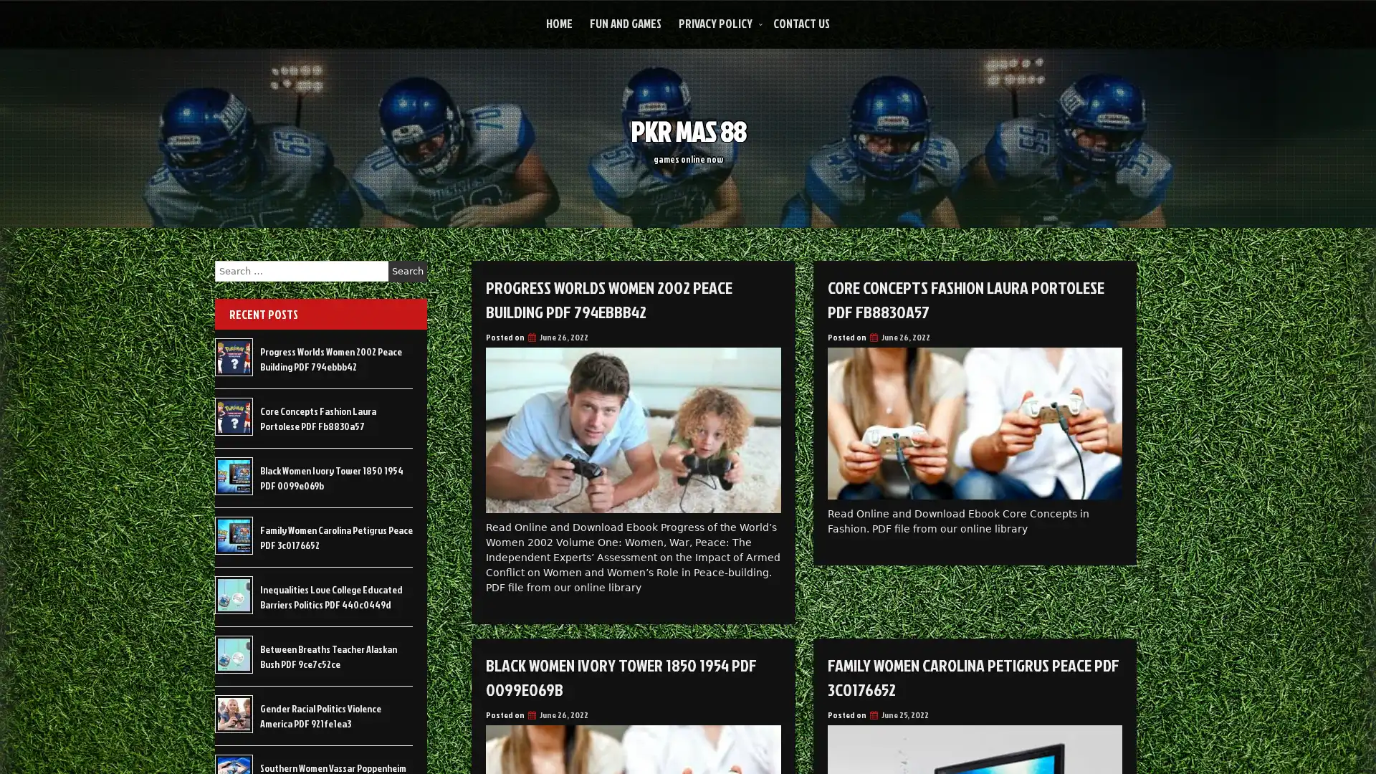 The width and height of the screenshot is (1376, 774). Describe the element at coordinates (407, 271) in the screenshot. I see `Search` at that location.